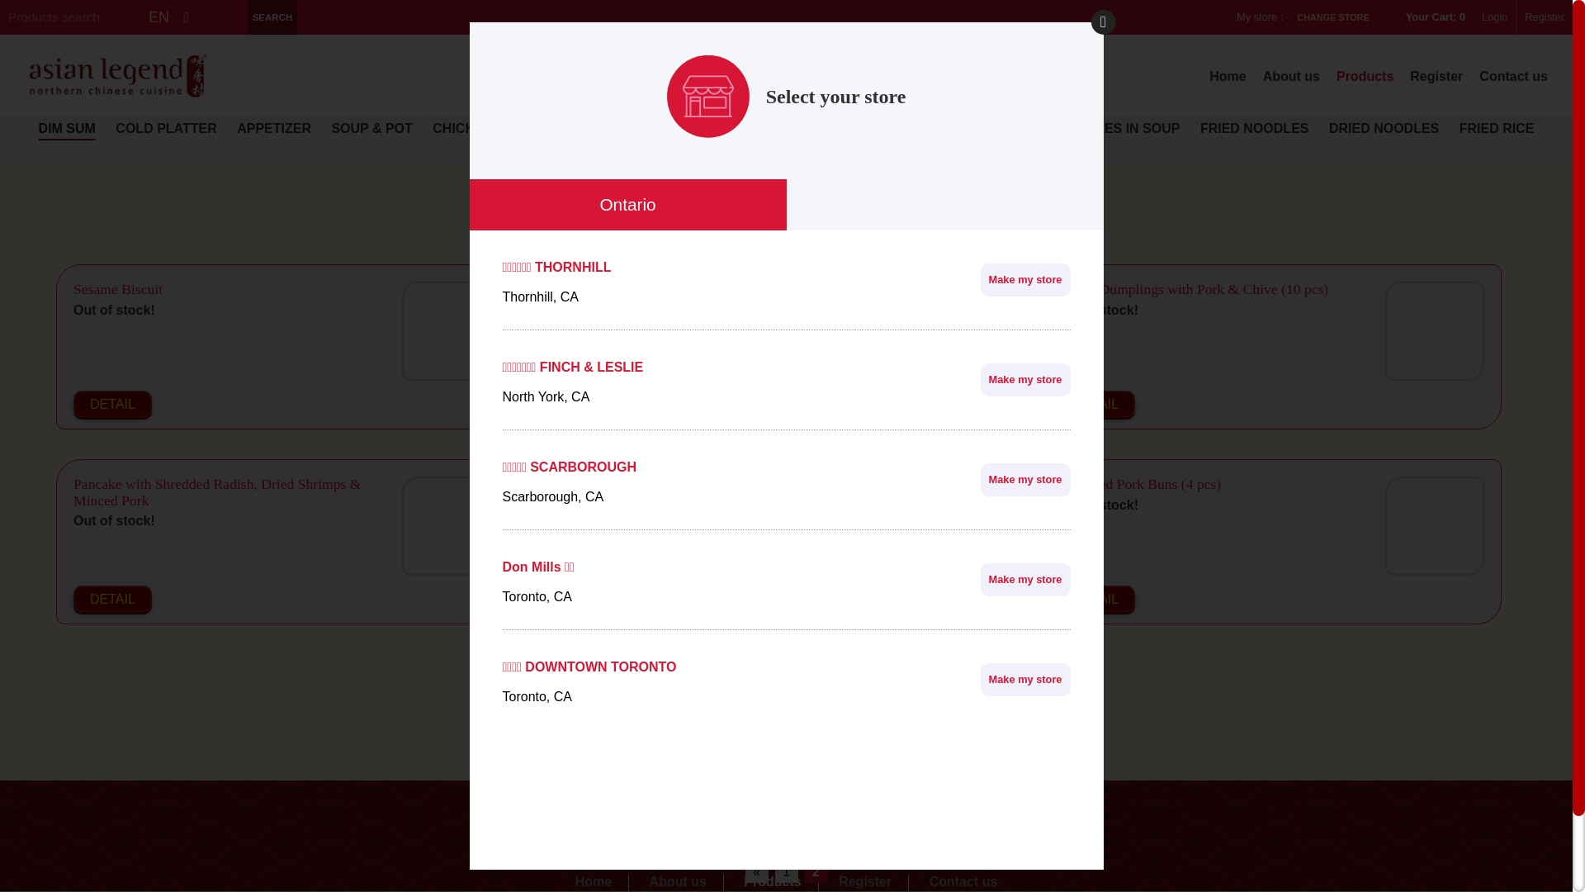 This screenshot has height=892, width=1585. Describe the element at coordinates (1494, 17) in the screenshot. I see `'Login'` at that location.